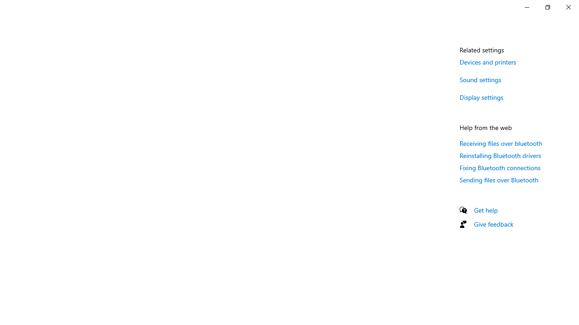 The height and width of the screenshot is (325, 579). Describe the element at coordinates (568, 7) in the screenshot. I see `'Close Settings'` at that location.